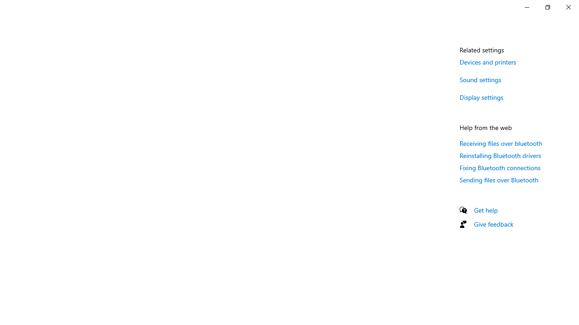 The height and width of the screenshot is (325, 579). Describe the element at coordinates (568, 7) in the screenshot. I see `'Close Settings'` at that location.